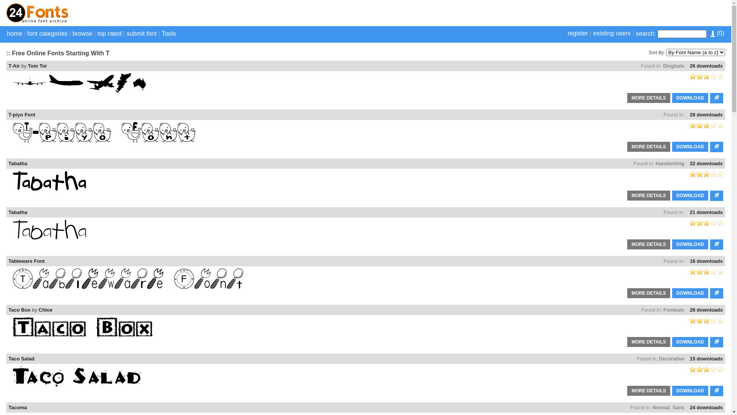 The image size is (737, 415). I want to click on 'Normal', so click(652, 407).